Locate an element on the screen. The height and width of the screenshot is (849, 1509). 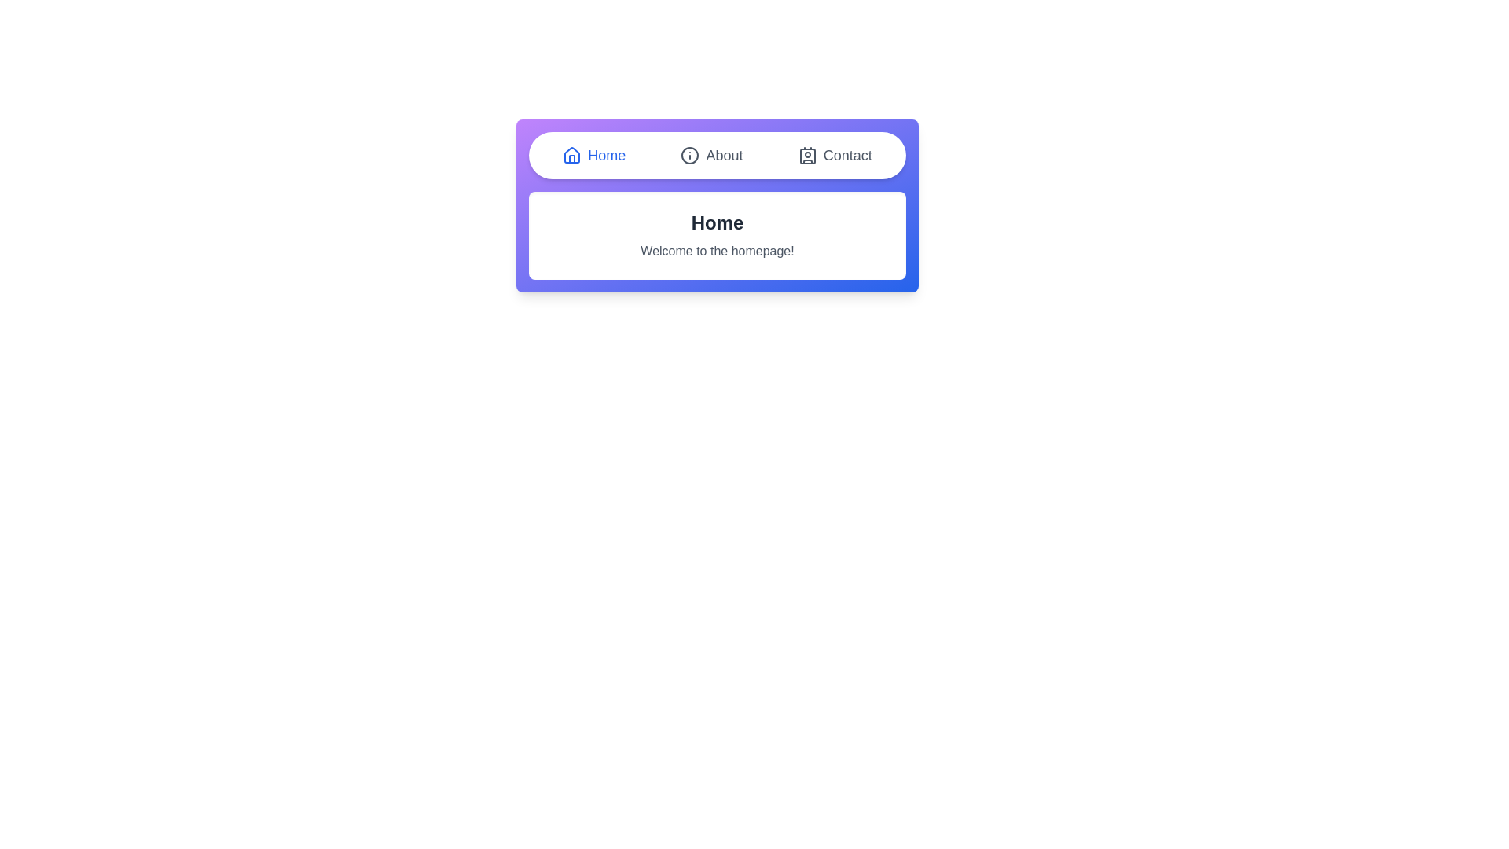
the Home tab to switch content is located at coordinates (593, 155).